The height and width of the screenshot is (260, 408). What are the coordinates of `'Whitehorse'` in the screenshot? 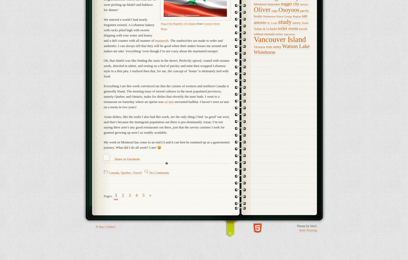 It's located at (264, 52).